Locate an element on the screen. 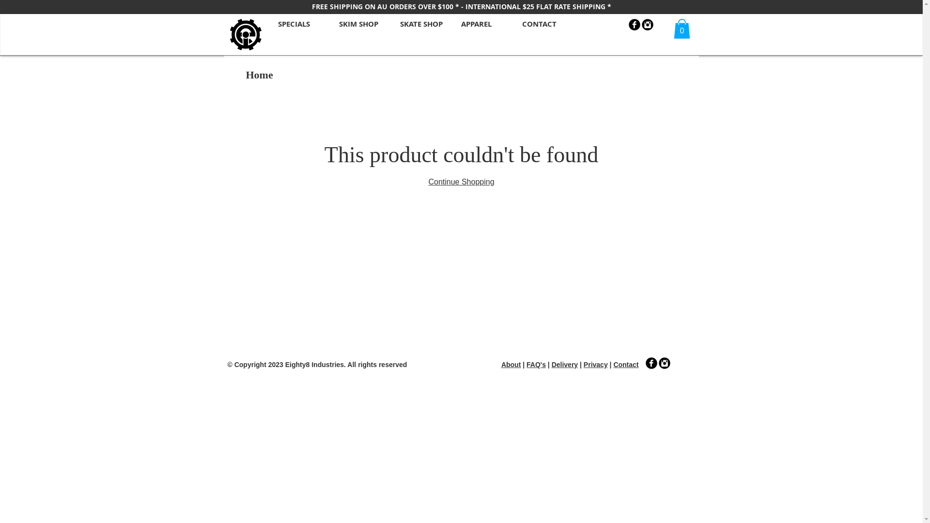 This screenshot has width=930, height=523. 'SPECIALS' is located at coordinates (298, 22).